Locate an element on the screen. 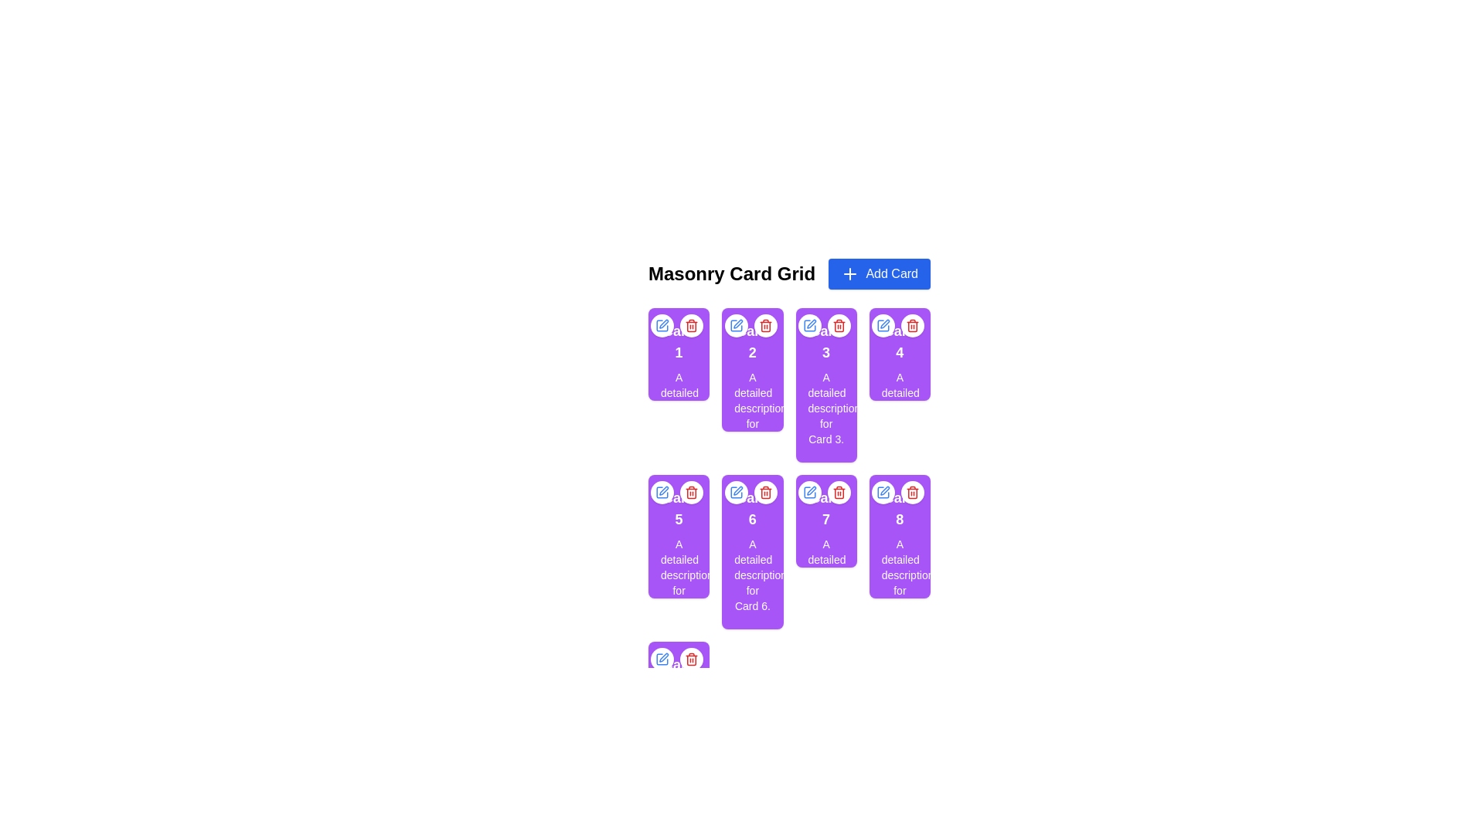 The height and width of the screenshot is (834, 1484). the blue edit icon, which resembles a pen, located above a purple card in a list of icons is located at coordinates (664, 323).